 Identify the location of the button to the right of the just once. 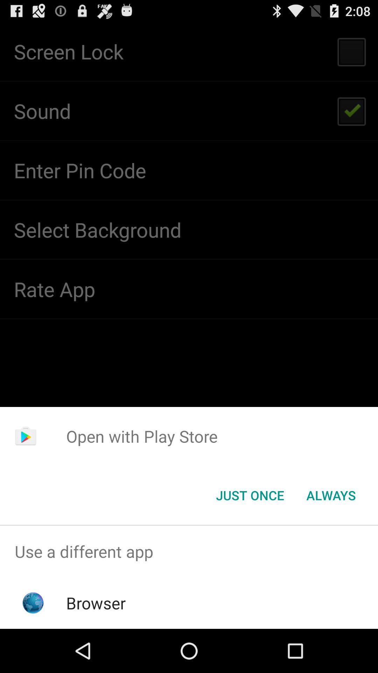
(331, 495).